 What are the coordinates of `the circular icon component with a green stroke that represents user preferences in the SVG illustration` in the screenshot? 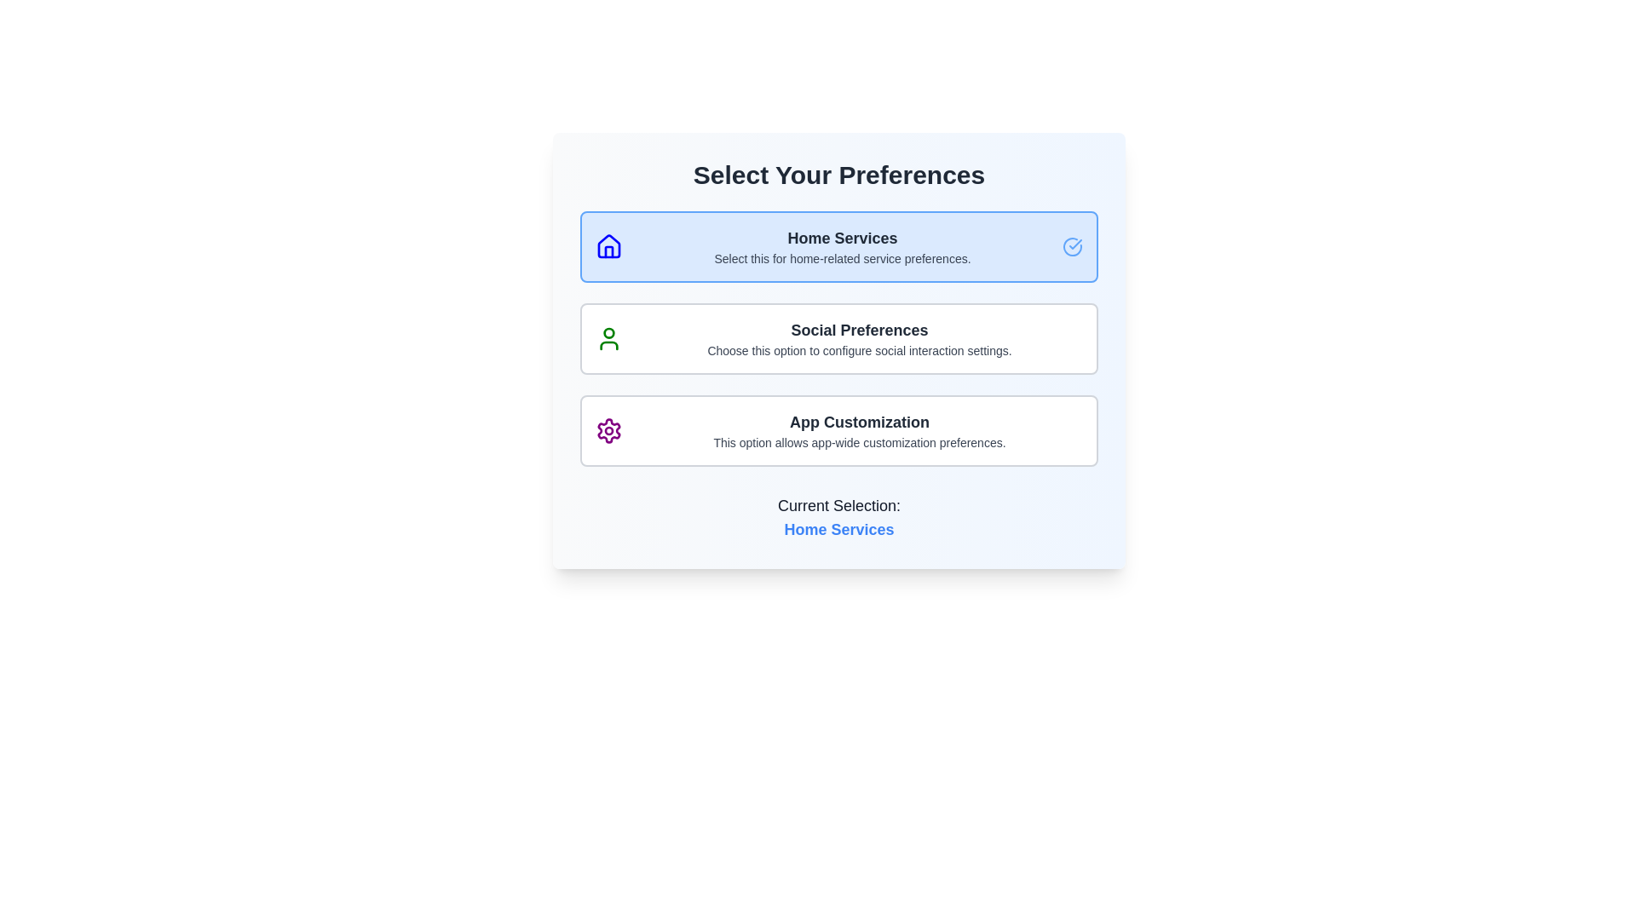 It's located at (609, 332).